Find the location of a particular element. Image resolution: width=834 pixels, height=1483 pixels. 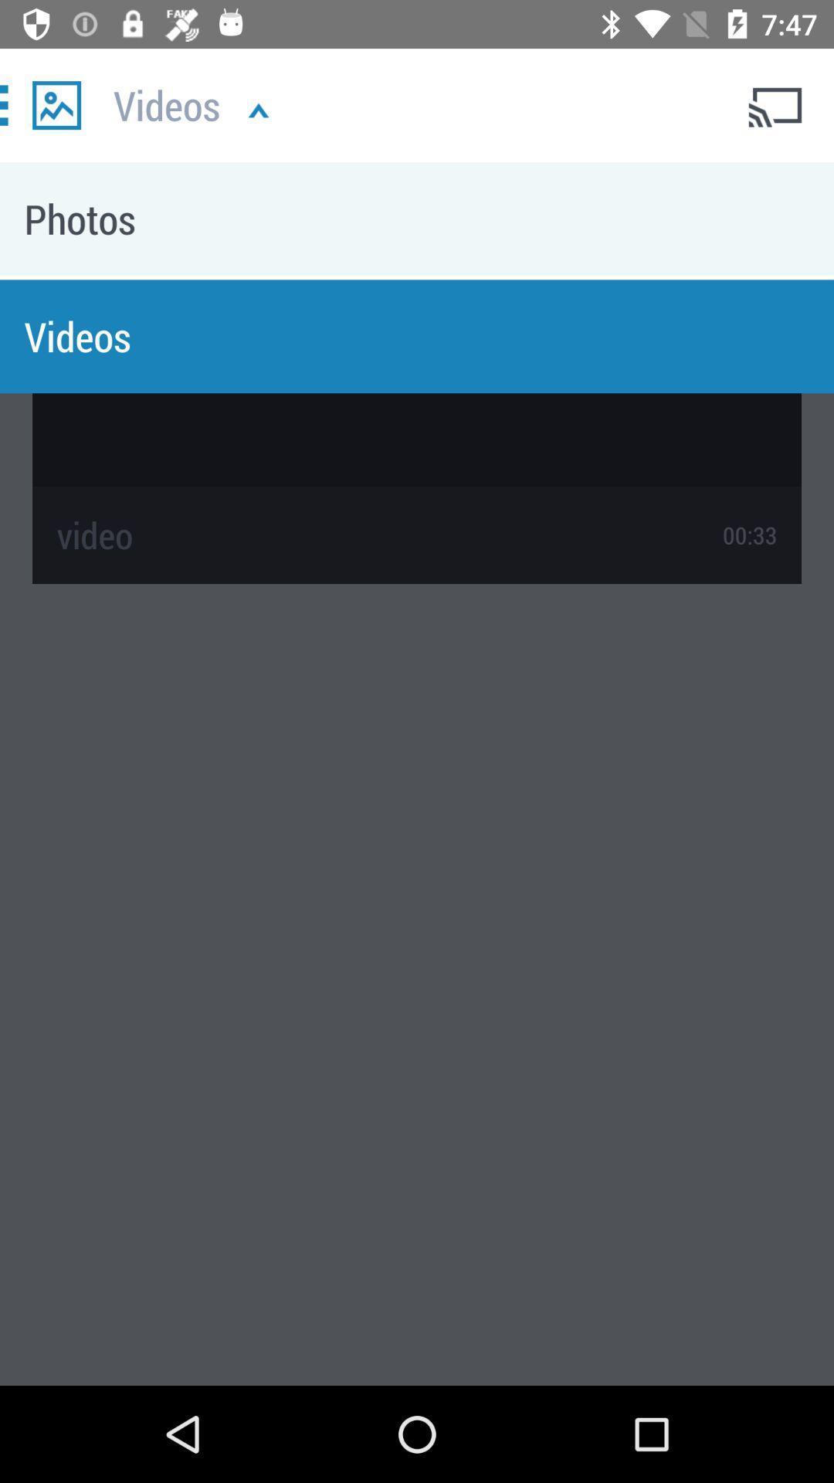

the wallpaper icon is located at coordinates (56, 104).